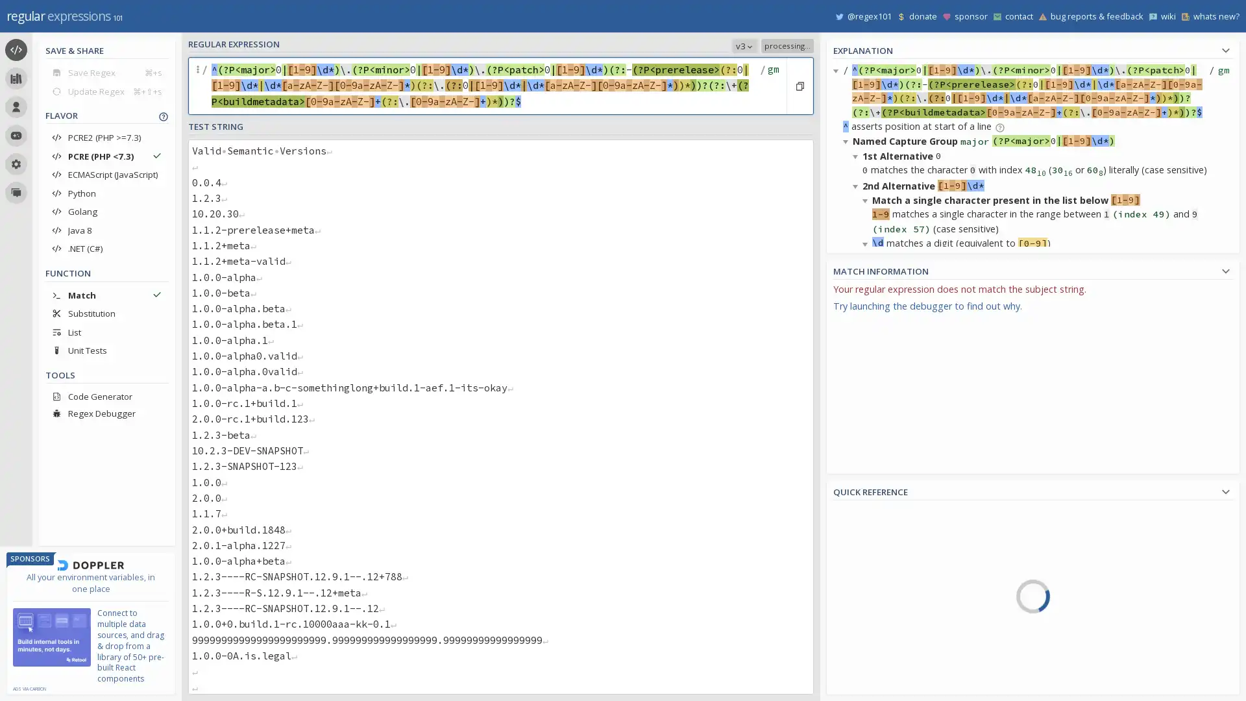  What do you see at coordinates (1097, 680) in the screenshot?
I see `Any digit \d` at bounding box center [1097, 680].